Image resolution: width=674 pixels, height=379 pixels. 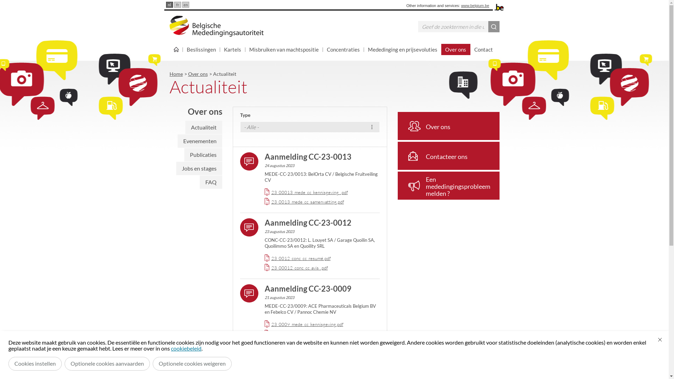 What do you see at coordinates (493, 26) in the screenshot?
I see `'Search'` at bounding box center [493, 26].